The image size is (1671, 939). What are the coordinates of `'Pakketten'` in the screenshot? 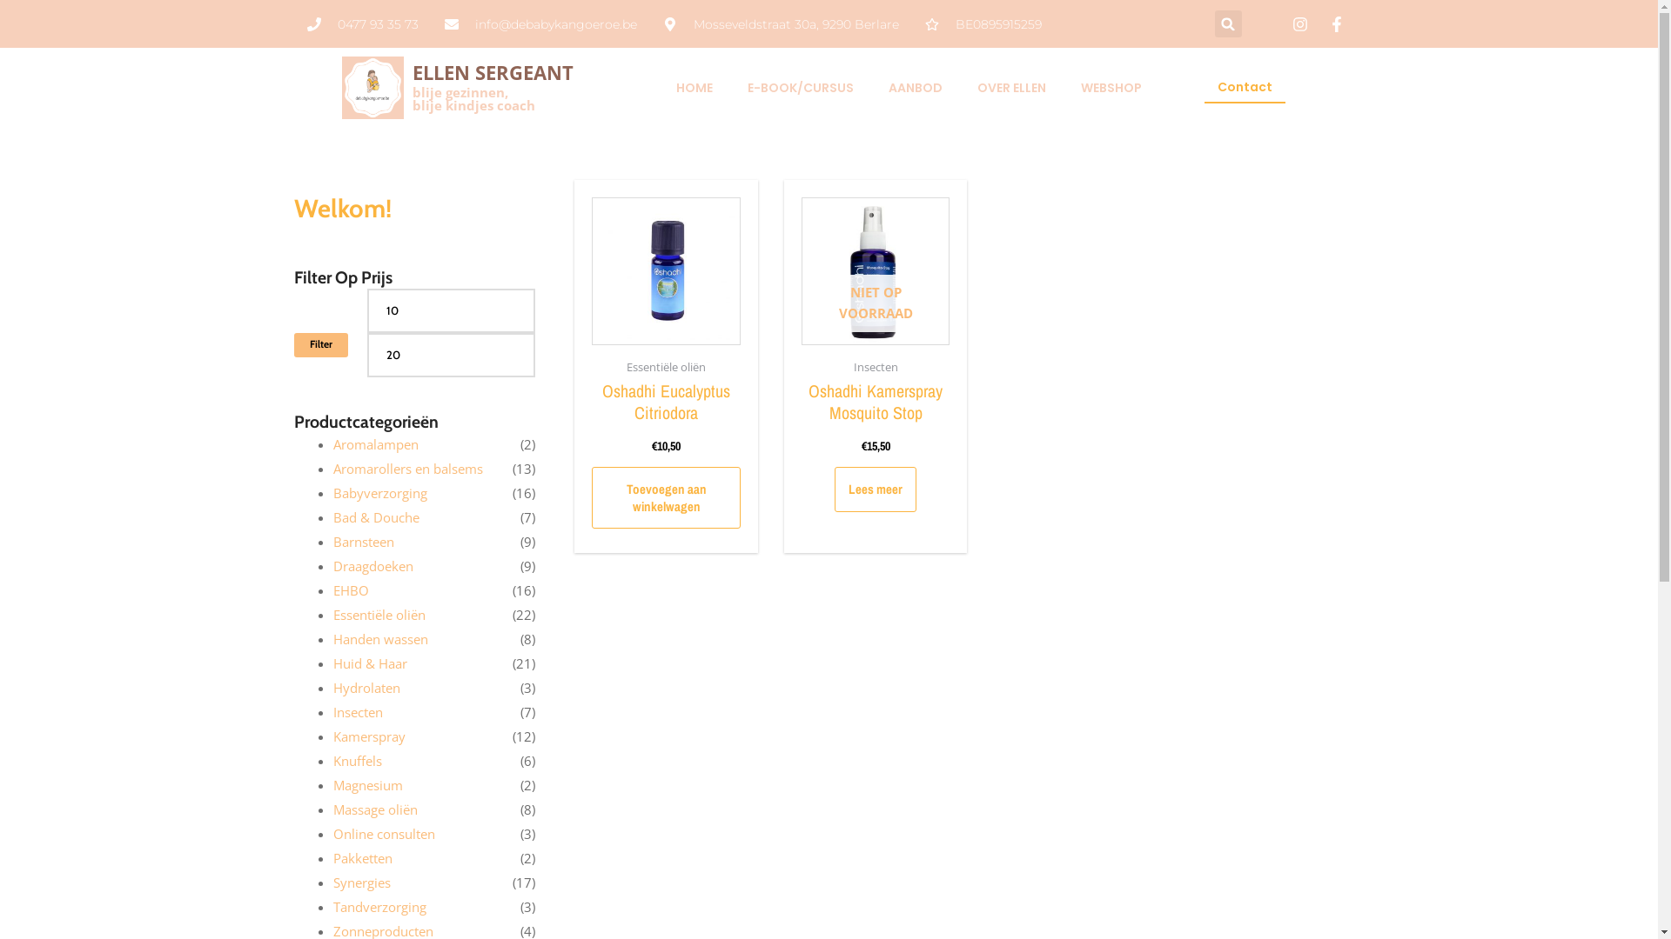 It's located at (361, 857).